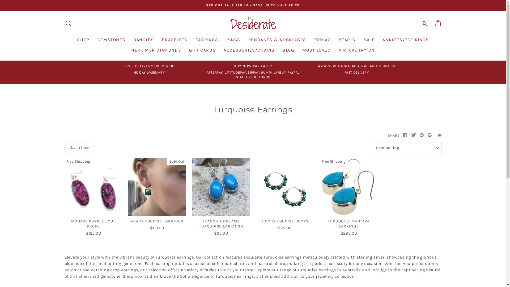 Image resolution: width=510 pixels, height=287 pixels. What do you see at coordinates (411, 135) in the screenshot?
I see `'Twitter'` at bounding box center [411, 135].